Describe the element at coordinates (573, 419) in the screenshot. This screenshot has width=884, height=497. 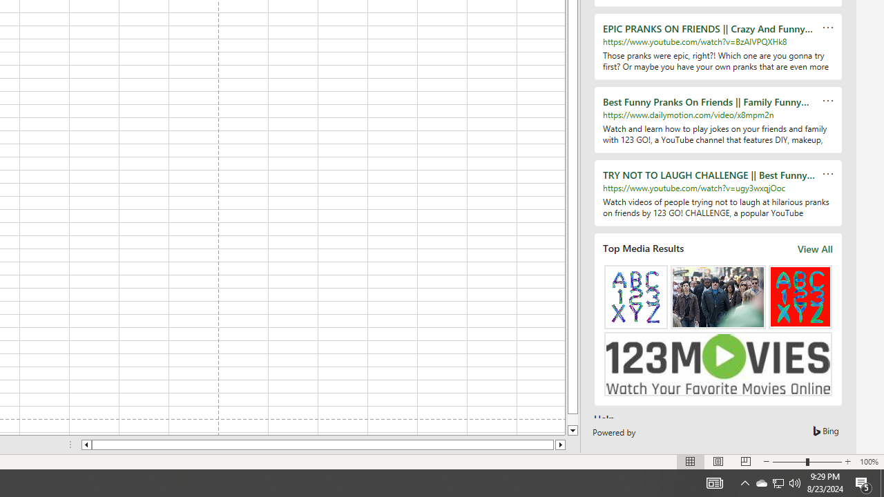
I see `'Page down'` at that location.